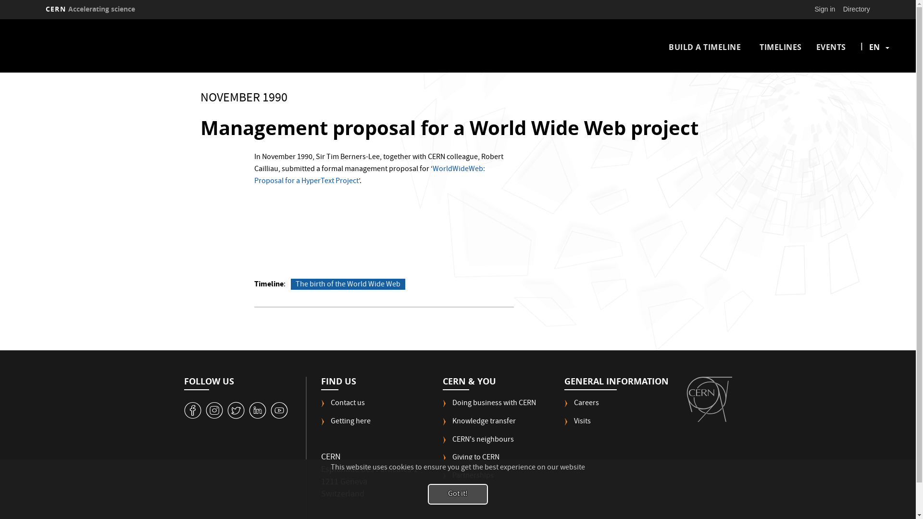 This screenshot has width=923, height=519. Describe the element at coordinates (839, 9) in the screenshot. I see `'Directory'` at that location.